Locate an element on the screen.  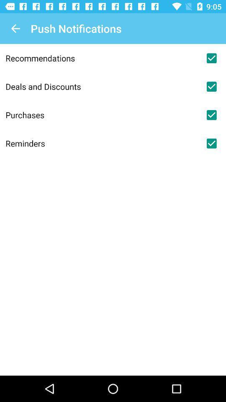
icon below the recommendations icon is located at coordinates (101, 86).